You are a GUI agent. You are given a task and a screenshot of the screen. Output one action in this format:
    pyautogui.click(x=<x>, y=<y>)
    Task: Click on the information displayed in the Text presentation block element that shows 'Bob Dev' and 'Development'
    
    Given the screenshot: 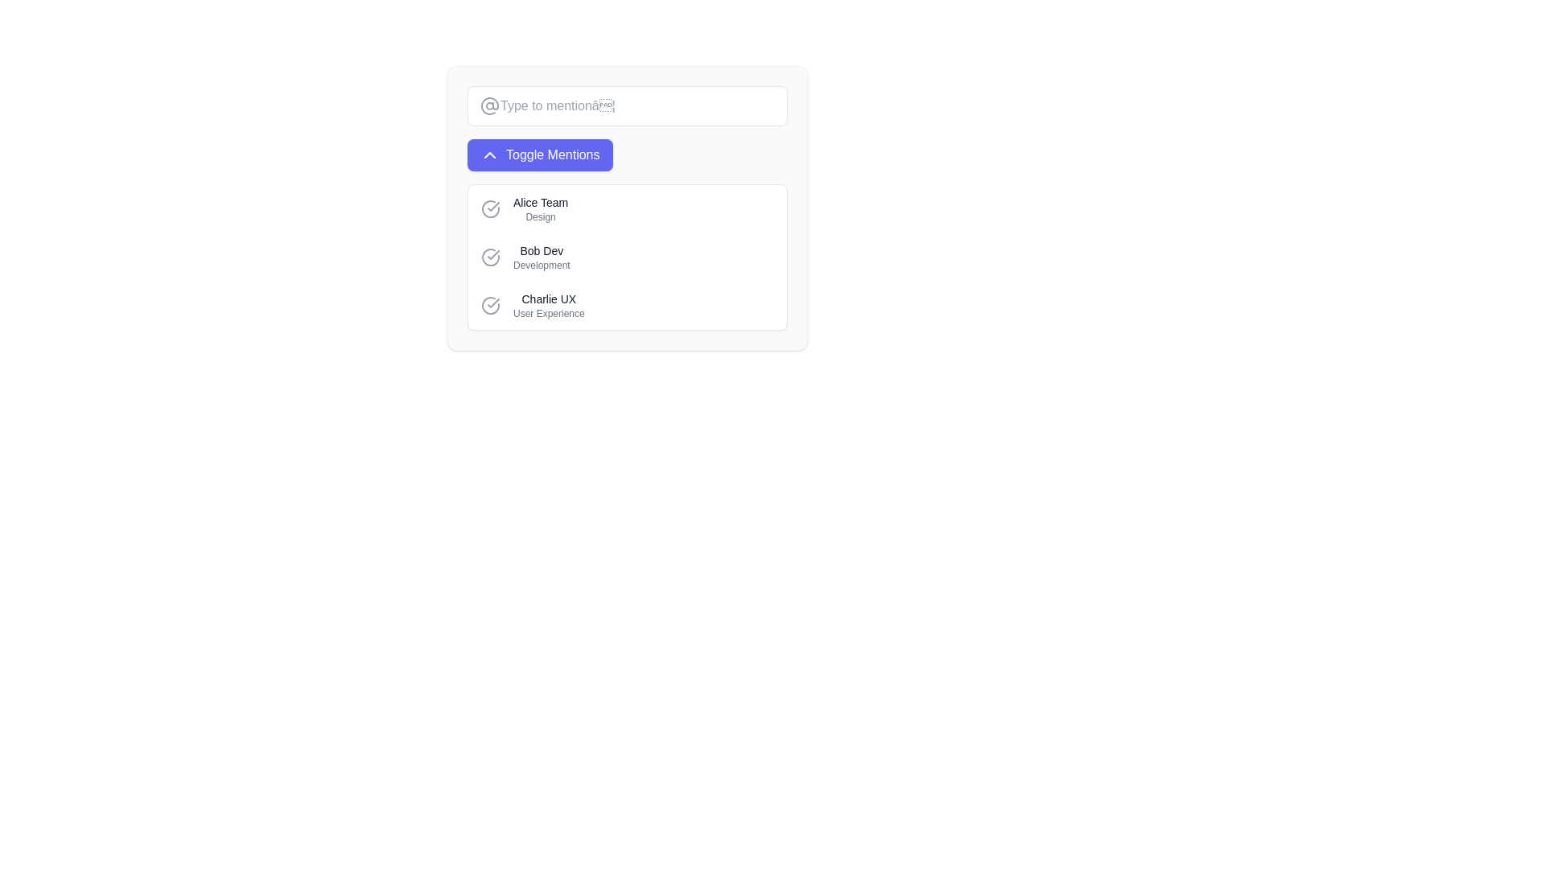 What is the action you would take?
    pyautogui.click(x=542, y=257)
    